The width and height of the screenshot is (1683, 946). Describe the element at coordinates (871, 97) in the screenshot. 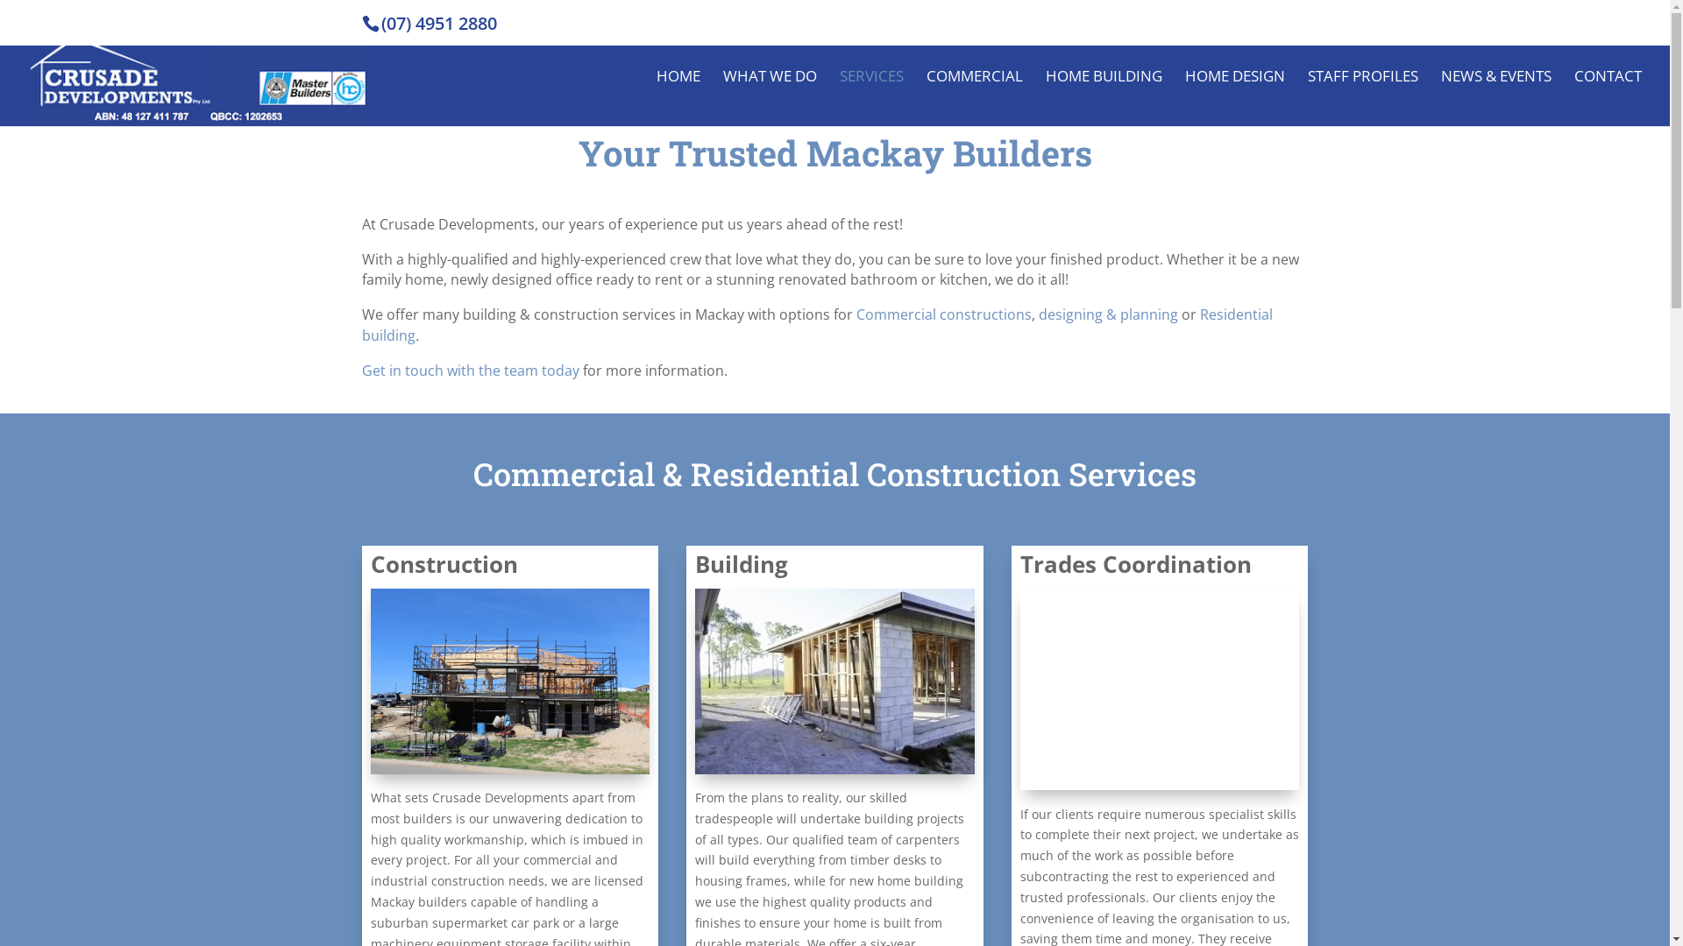

I see `'SERVICES'` at that location.